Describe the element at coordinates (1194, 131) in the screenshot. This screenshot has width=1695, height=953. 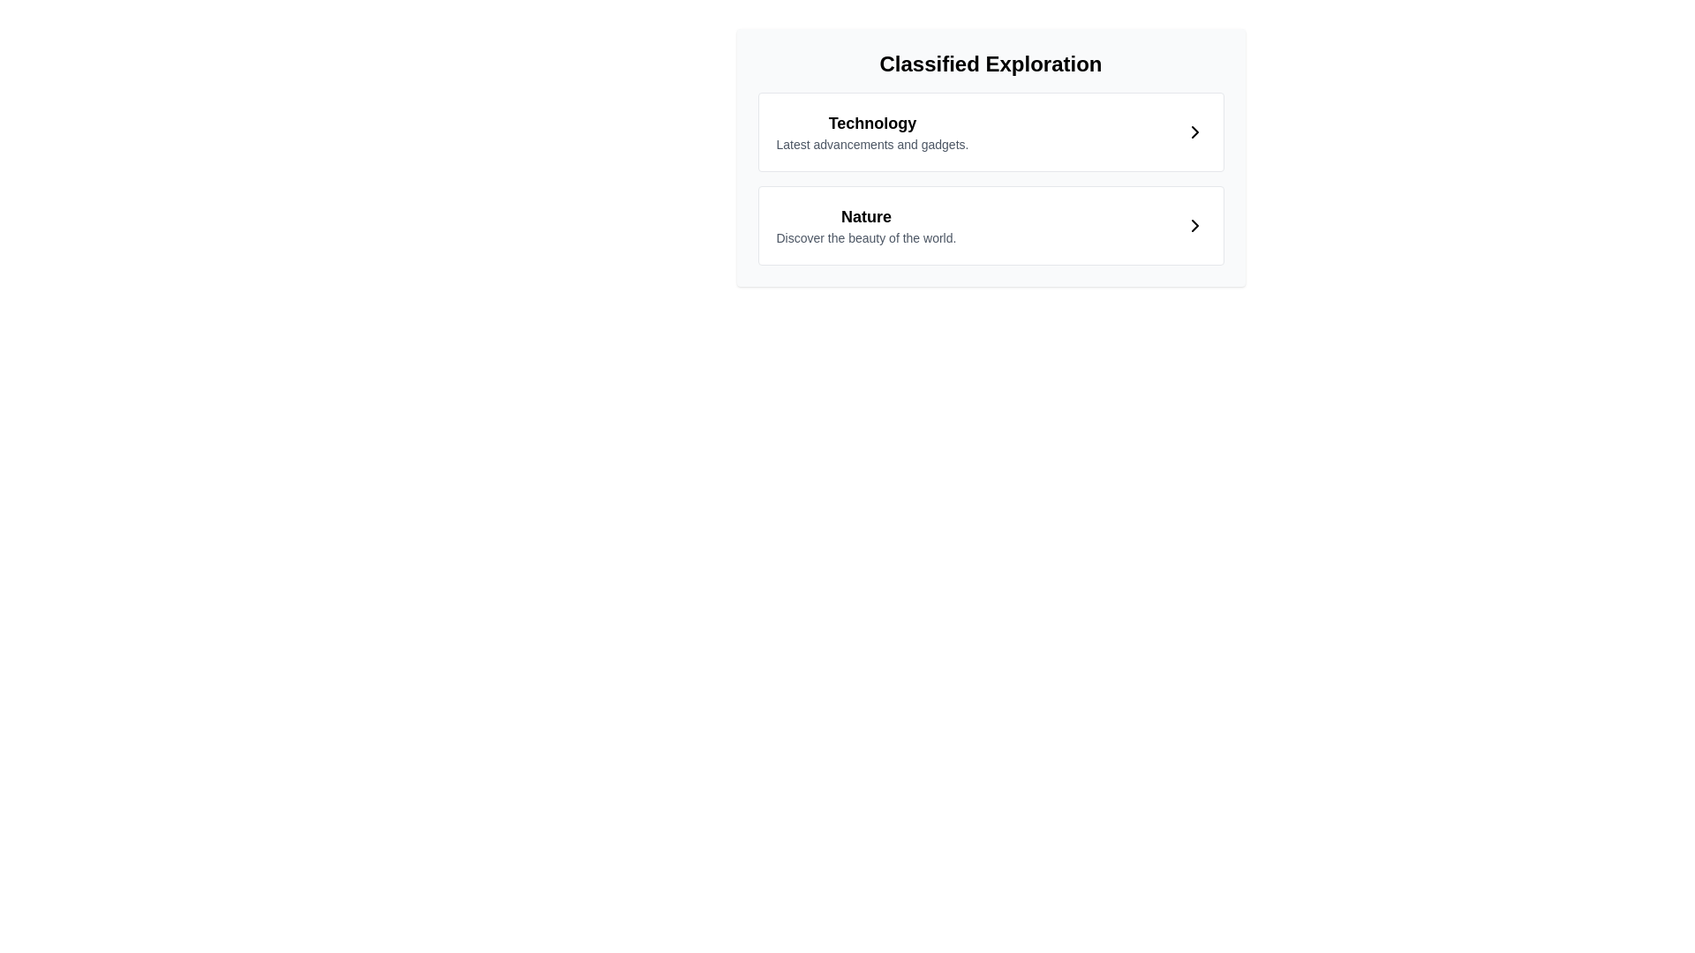
I see `the right-pointing chevron icon located to the far-right of the 'Technology' list item in the 'Classified Exploration' section` at that location.